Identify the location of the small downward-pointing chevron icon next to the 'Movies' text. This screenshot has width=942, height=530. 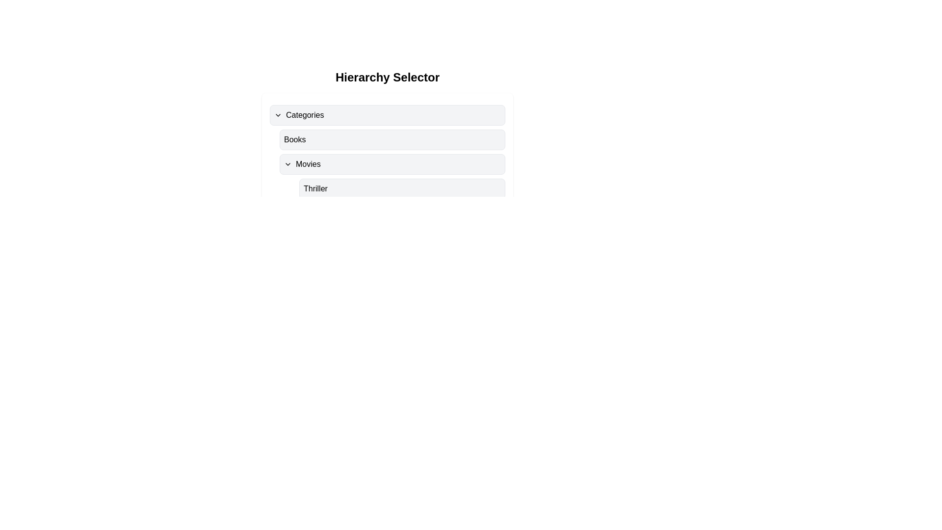
(287, 164).